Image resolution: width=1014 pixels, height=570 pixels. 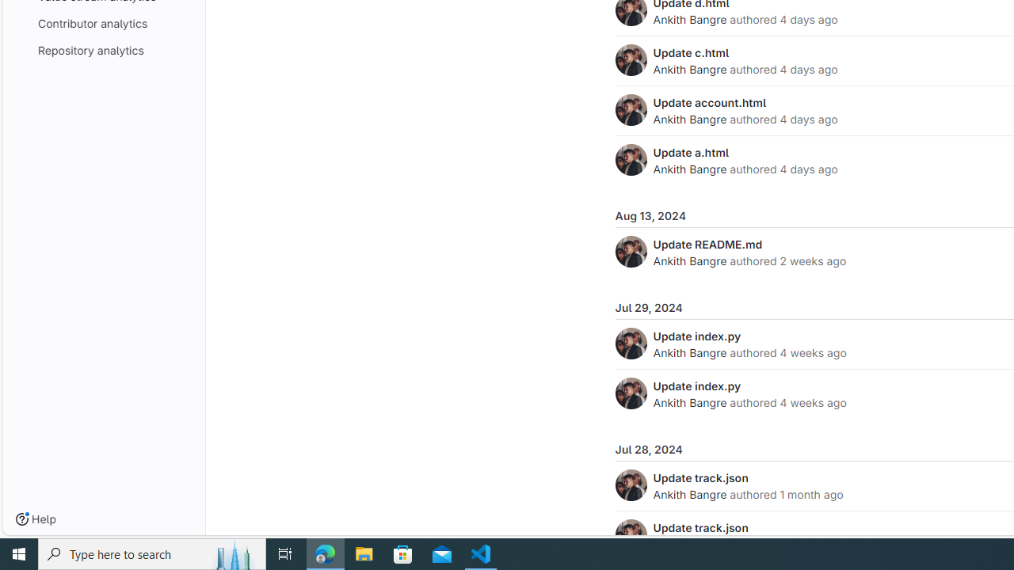 I want to click on 'Repository analytics', so click(x=103, y=48).